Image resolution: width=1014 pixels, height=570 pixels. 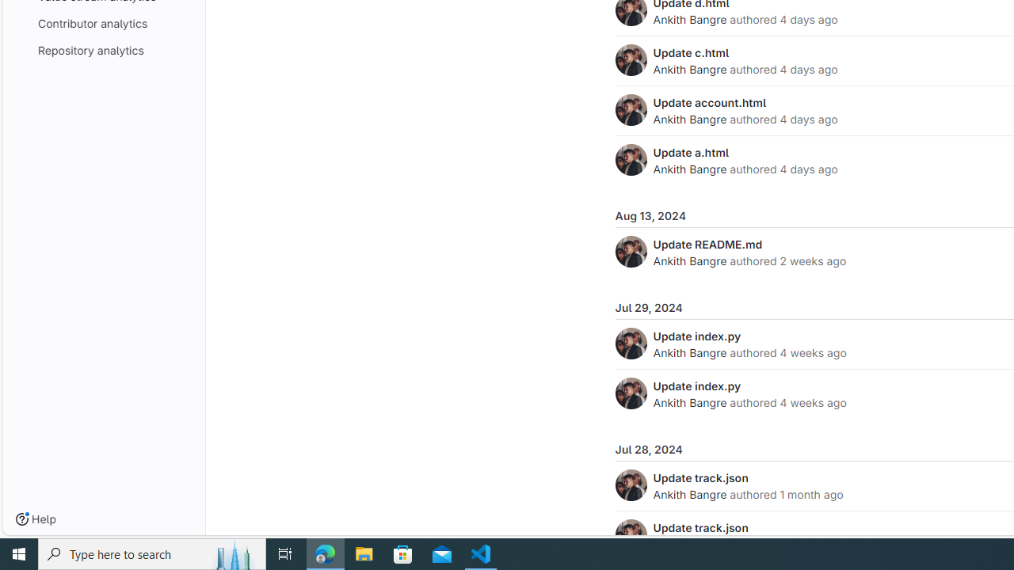 I want to click on 'Repository analytics', so click(x=103, y=48).